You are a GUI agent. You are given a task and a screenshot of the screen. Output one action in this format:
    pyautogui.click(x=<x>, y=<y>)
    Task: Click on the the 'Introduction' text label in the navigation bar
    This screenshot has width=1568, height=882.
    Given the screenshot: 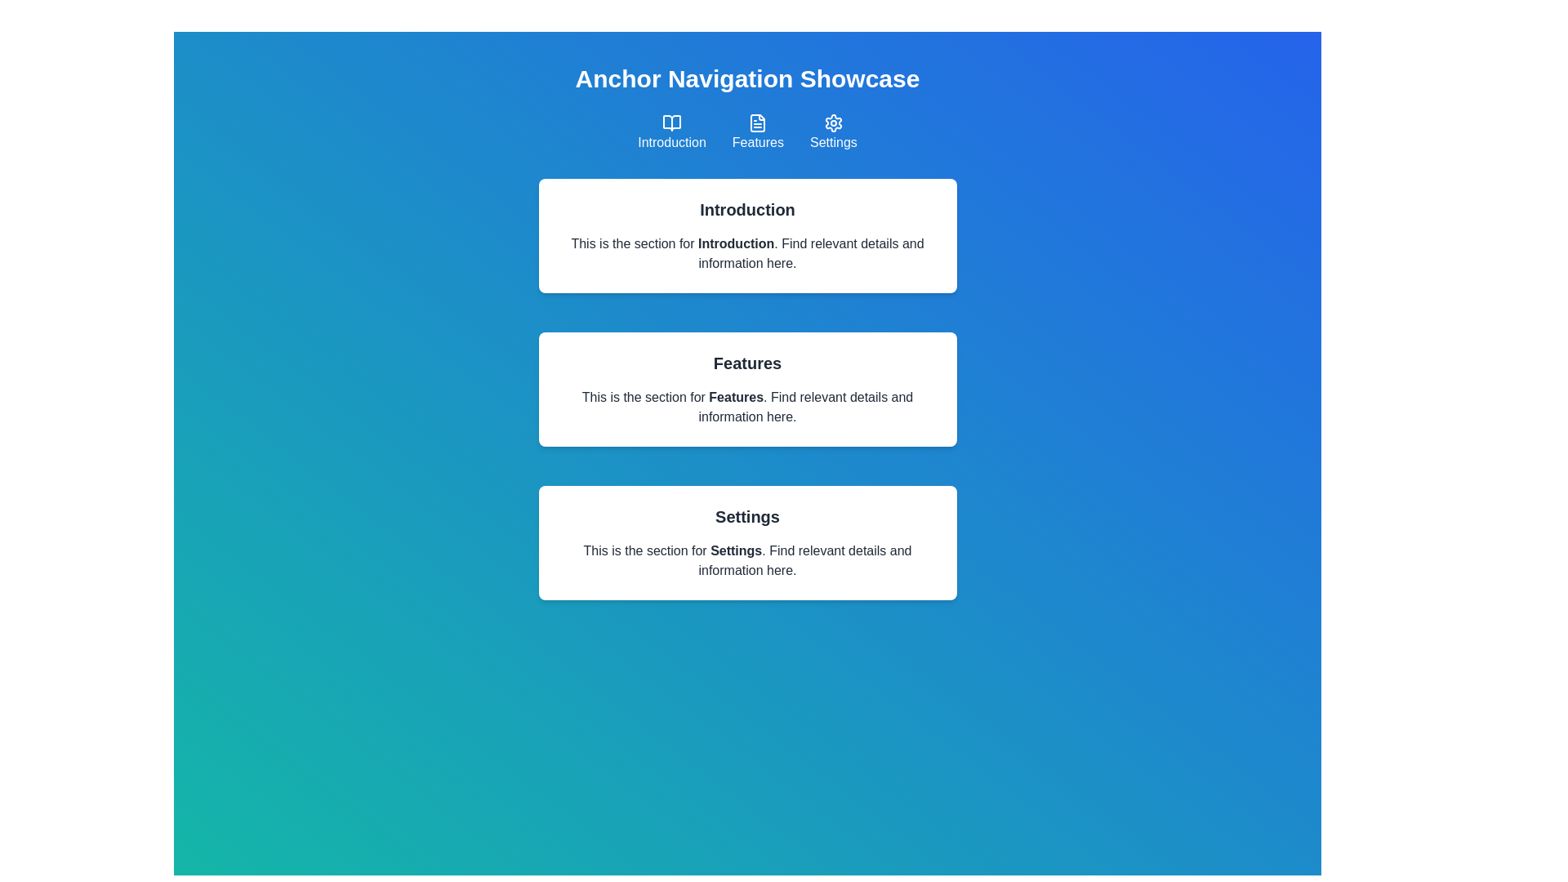 What is the action you would take?
    pyautogui.click(x=672, y=141)
    